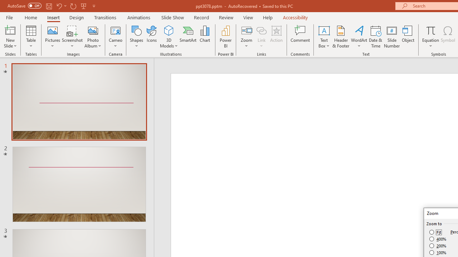 The image size is (458, 257). I want to click on 'Link', so click(261, 37).